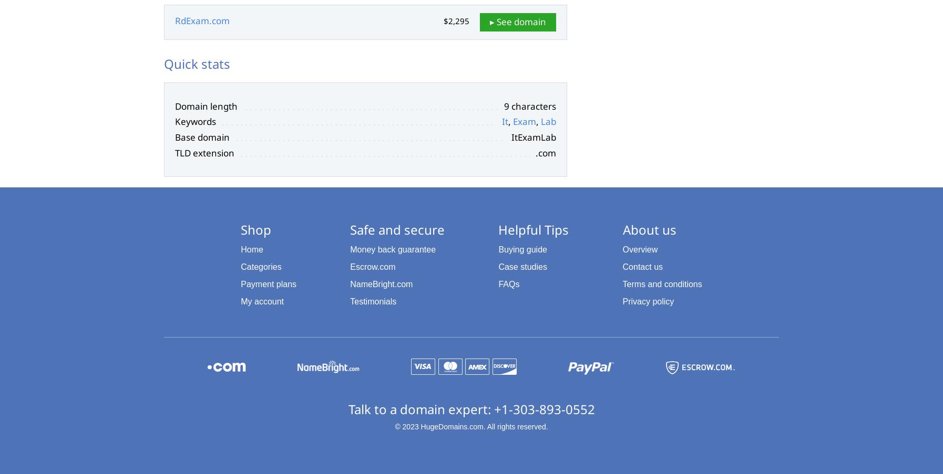 The image size is (943, 474). What do you see at coordinates (347, 408) in the screenshot?
I see `'Talk to a domain expert:'` at bounding box center [347, 408].